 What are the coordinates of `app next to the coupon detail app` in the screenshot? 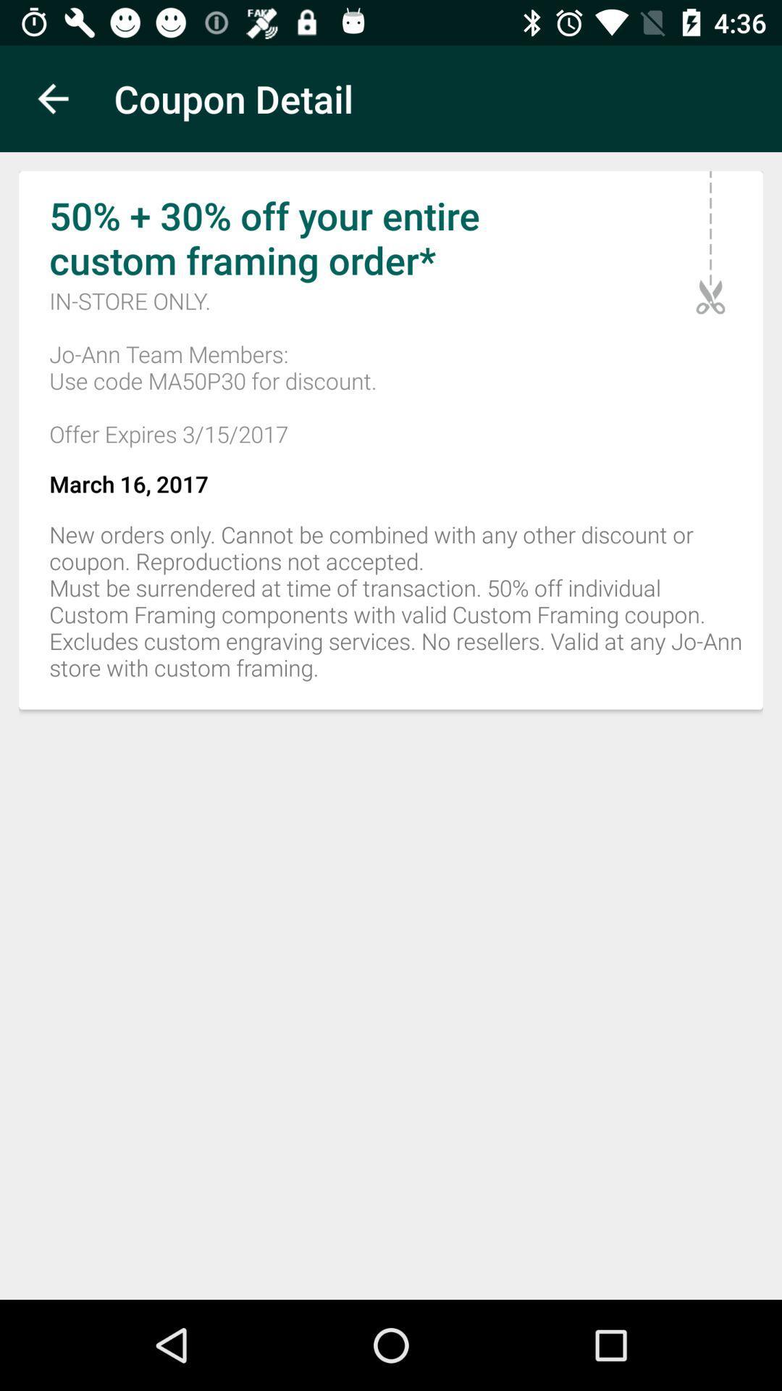 It's located at (52, 98).